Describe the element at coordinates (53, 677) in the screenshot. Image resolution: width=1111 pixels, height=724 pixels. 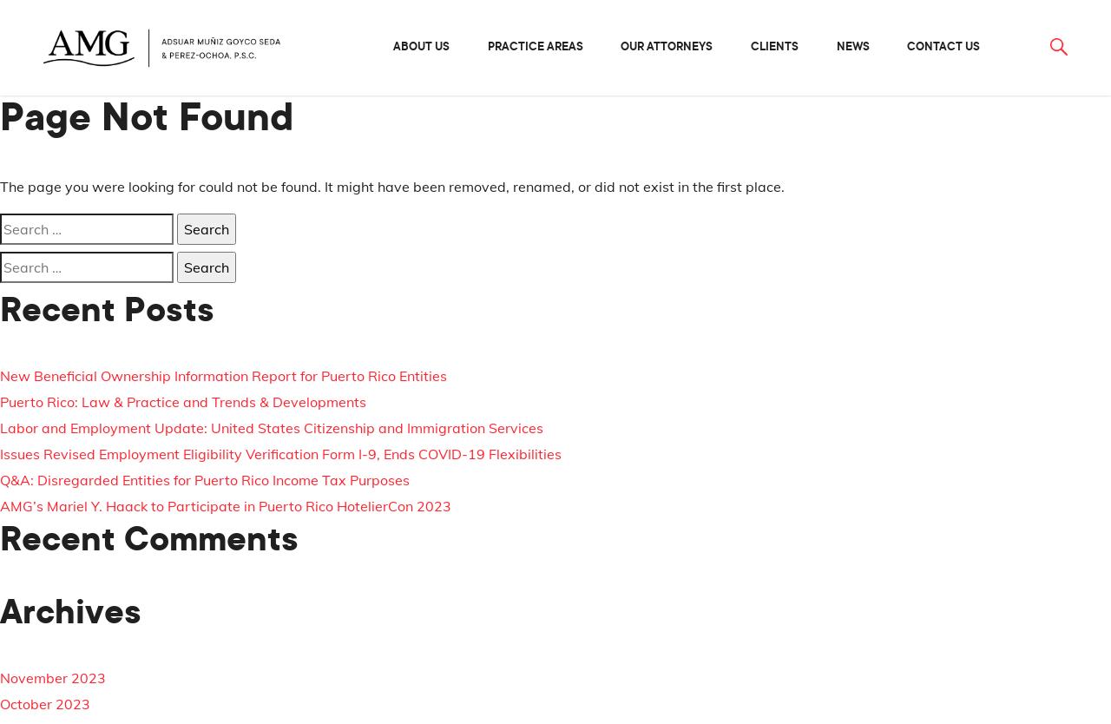
I see `'November 2023'` at that location.